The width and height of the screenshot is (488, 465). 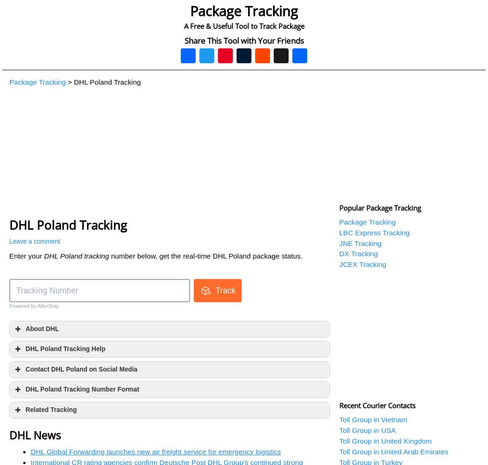 I want to click on 'Toll Group in United Arab Emirates', so click(x=394, y=451).